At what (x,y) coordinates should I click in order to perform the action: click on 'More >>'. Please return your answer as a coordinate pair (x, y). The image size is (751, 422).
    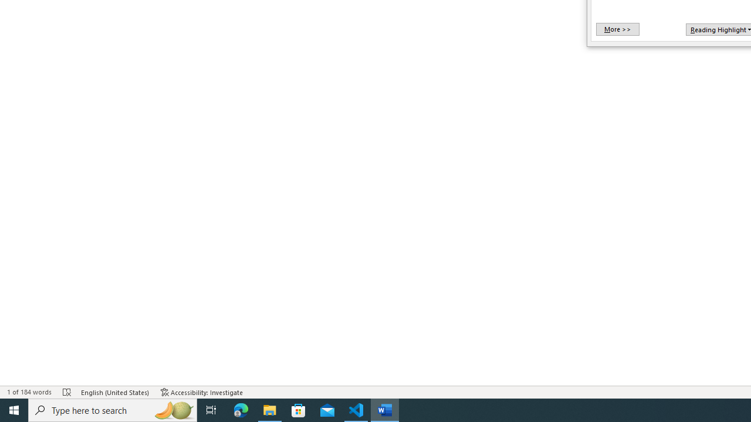
    Looking at the image, I should click on (617, 29).